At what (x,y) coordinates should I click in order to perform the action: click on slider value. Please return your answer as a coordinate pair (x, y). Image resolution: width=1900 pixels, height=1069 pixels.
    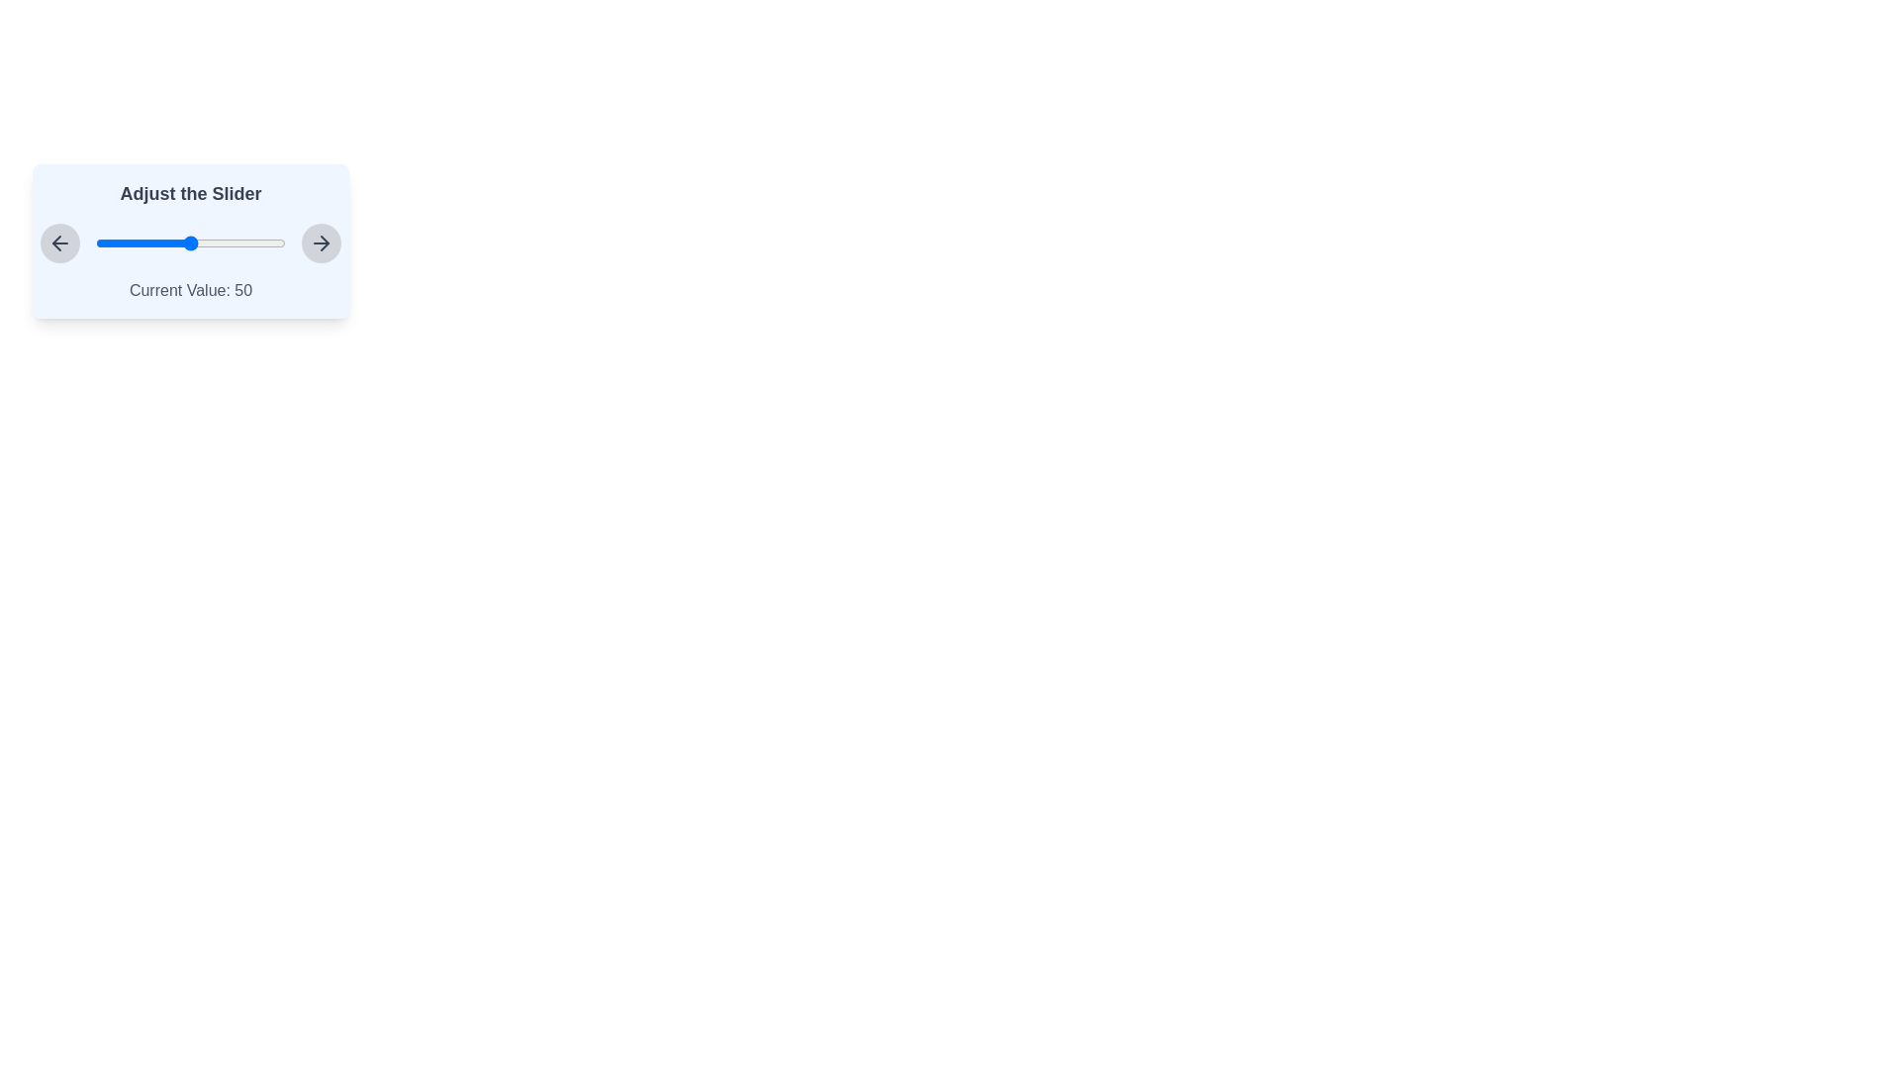
    Looking at the image, I should click on (208, 243).